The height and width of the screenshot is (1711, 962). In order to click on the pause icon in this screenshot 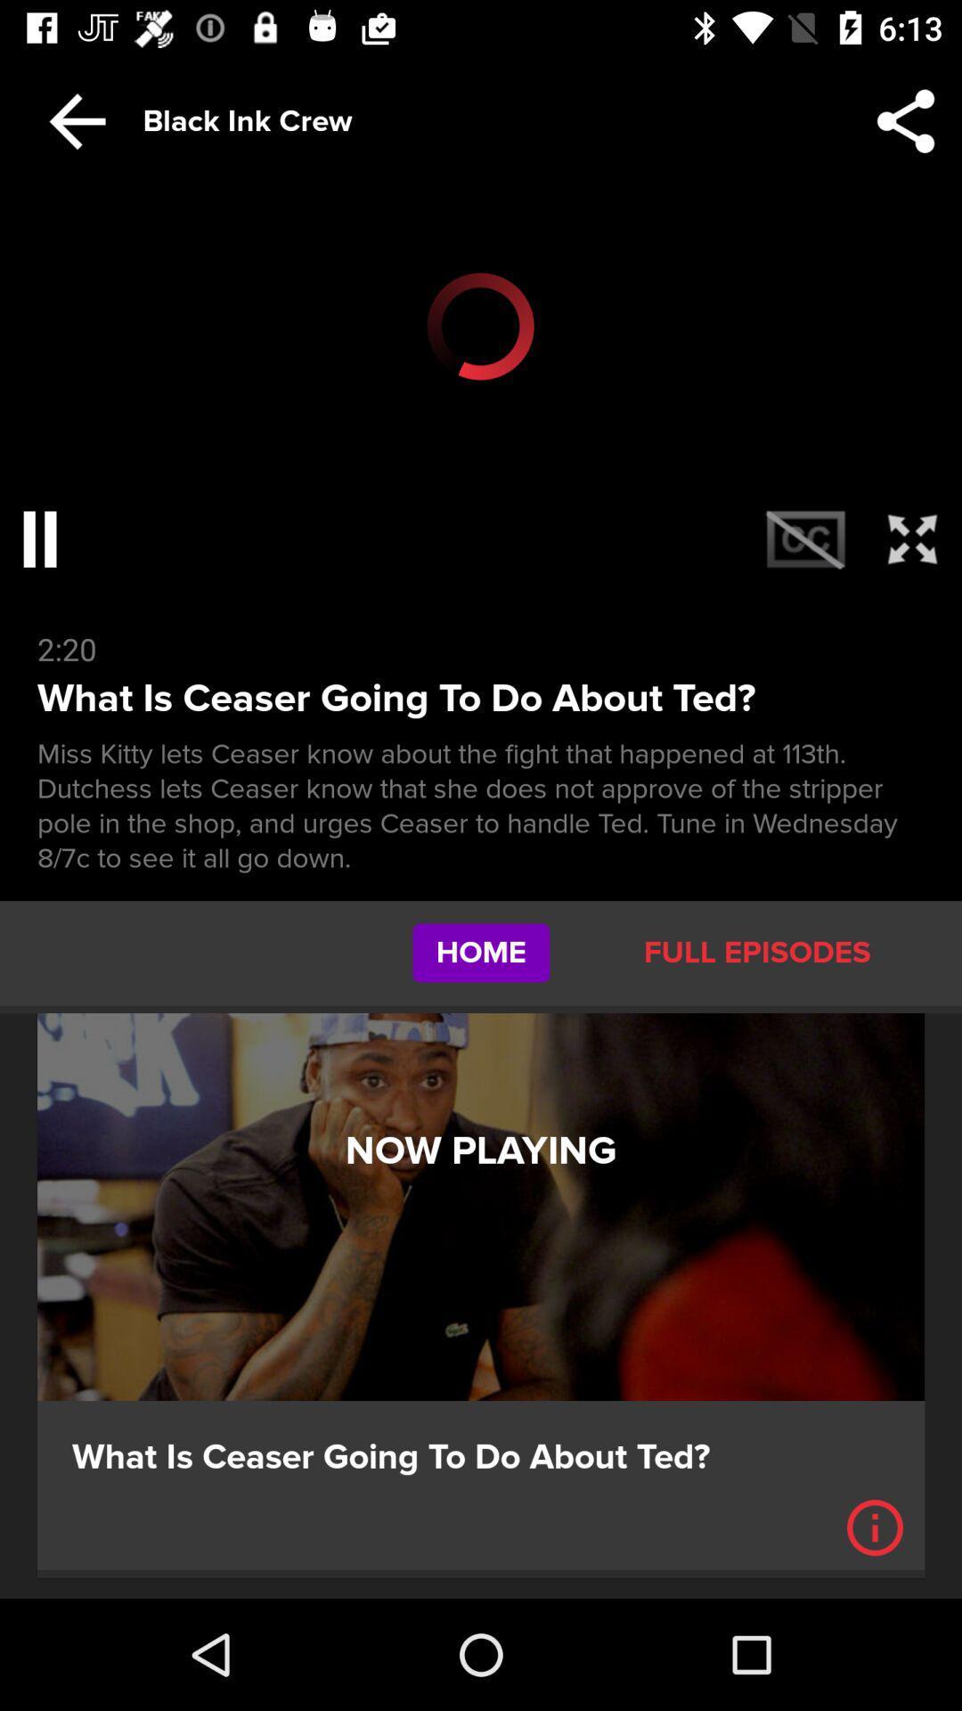, I will do `click(40, 537)`.